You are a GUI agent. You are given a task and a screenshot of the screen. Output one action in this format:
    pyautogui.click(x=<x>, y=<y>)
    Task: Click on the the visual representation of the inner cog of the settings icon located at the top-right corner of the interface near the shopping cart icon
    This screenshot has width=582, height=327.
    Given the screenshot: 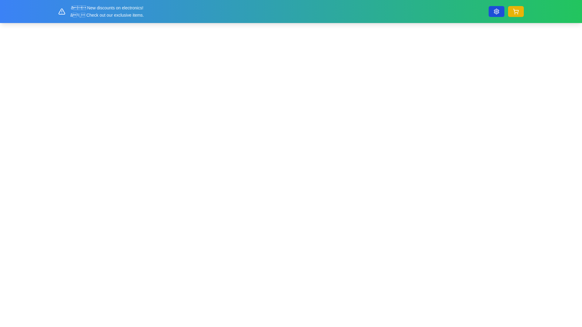 What is the action you would take?
    pyautogui.click(x=496, y=12)
    